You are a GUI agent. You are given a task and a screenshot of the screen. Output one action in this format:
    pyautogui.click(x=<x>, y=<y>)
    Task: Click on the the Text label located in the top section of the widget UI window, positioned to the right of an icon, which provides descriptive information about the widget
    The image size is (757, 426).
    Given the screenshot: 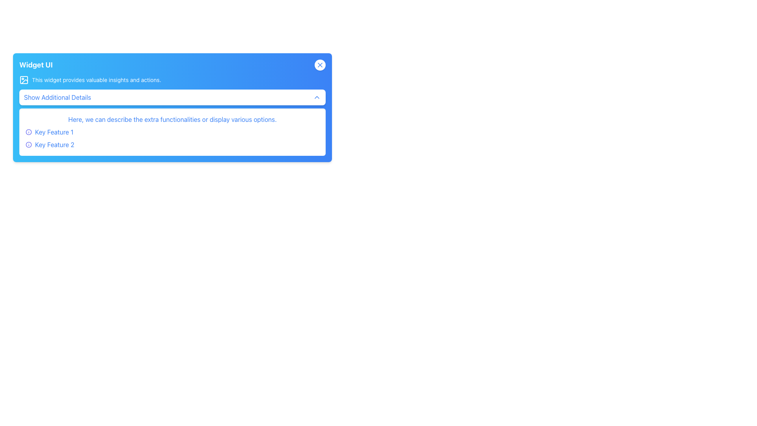 What is the action you would take?
    pyautogui.click(x=96, y=80)
    